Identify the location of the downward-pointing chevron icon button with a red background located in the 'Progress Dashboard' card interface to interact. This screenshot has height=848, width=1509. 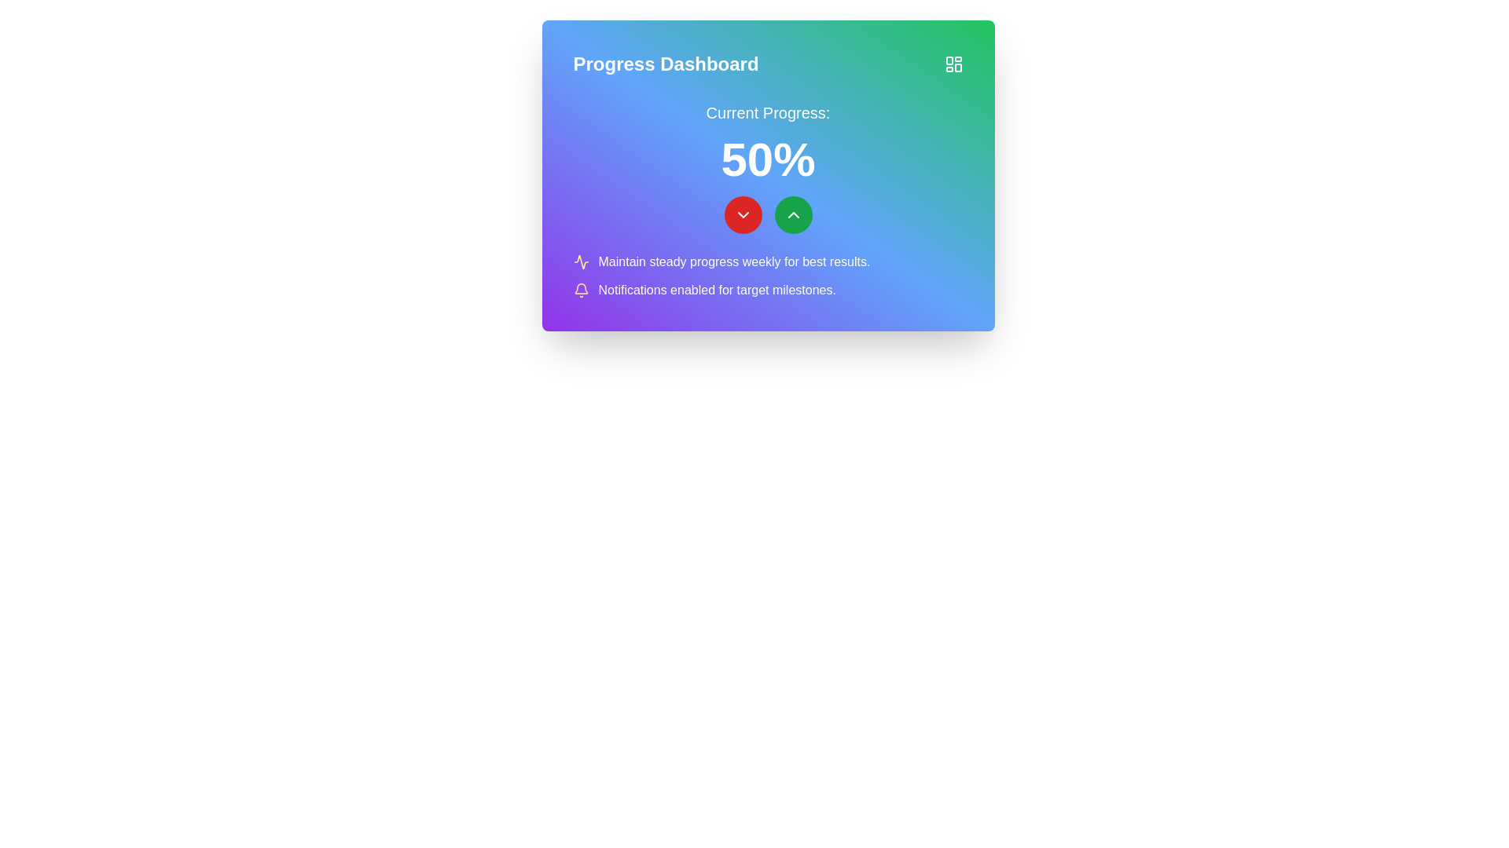
(742, 214).